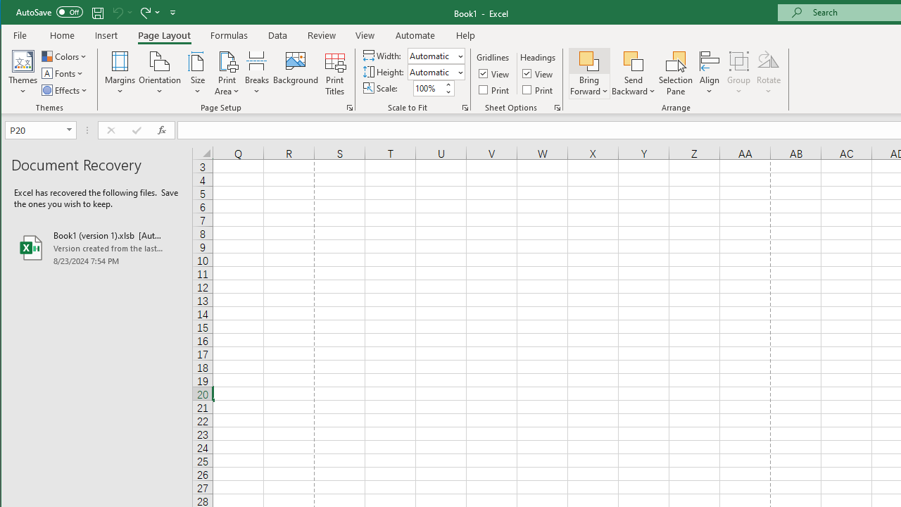 Image resolution: width=901 pixels, height=507 pixels. What do you see at coordinates (120, 73) in the screenshot?
I see `'Margins'` at bounding box center [120, 73].